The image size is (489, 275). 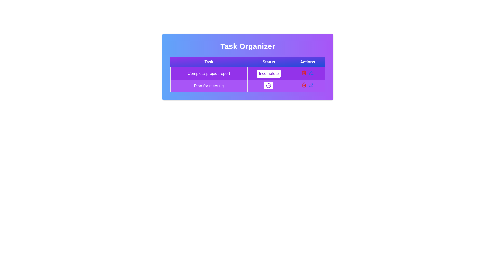 I want to click on the button with a white rectangular background and a purple circular check icon located under the 'Status' column in the second row for the 'Plan for meeting' task, so click(x=268, y=86).